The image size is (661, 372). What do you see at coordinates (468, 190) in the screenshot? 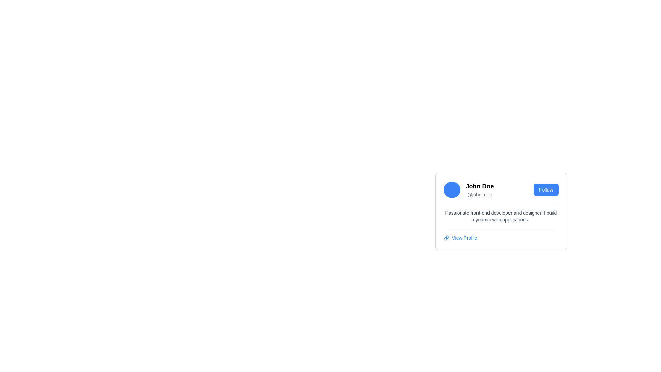
I see `the User Identification Component which includes a circular blue profile avatar, the name 'John Doe' in bold, and the username '@john_doe' below it` at bounding box center [468, 190].